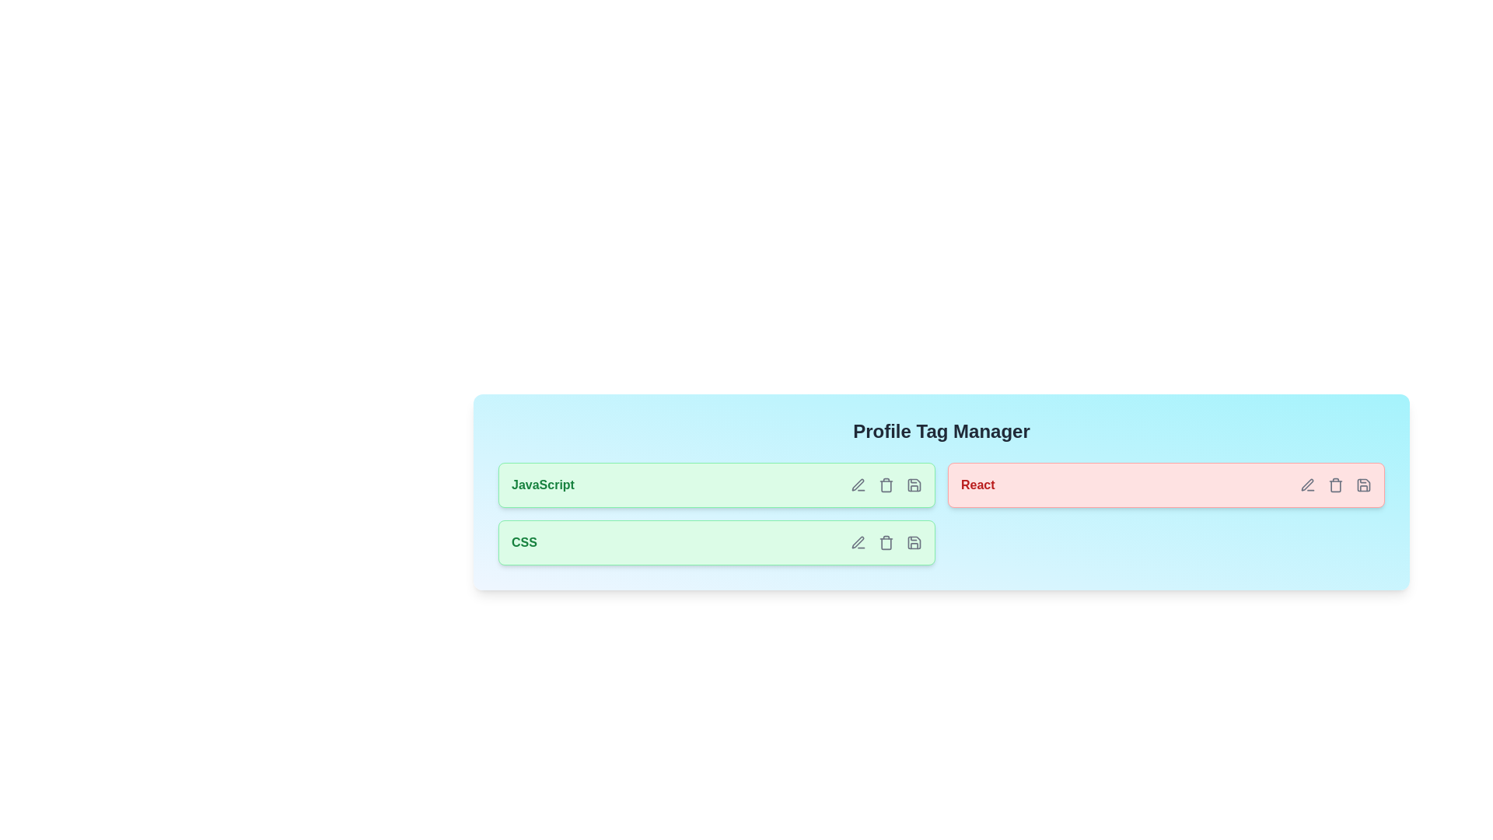  What do you see at coordinates (858, 485) in the screenshot?
I see `edit icon of the tag labeled JavaScript` at bounding box center [858, 485].